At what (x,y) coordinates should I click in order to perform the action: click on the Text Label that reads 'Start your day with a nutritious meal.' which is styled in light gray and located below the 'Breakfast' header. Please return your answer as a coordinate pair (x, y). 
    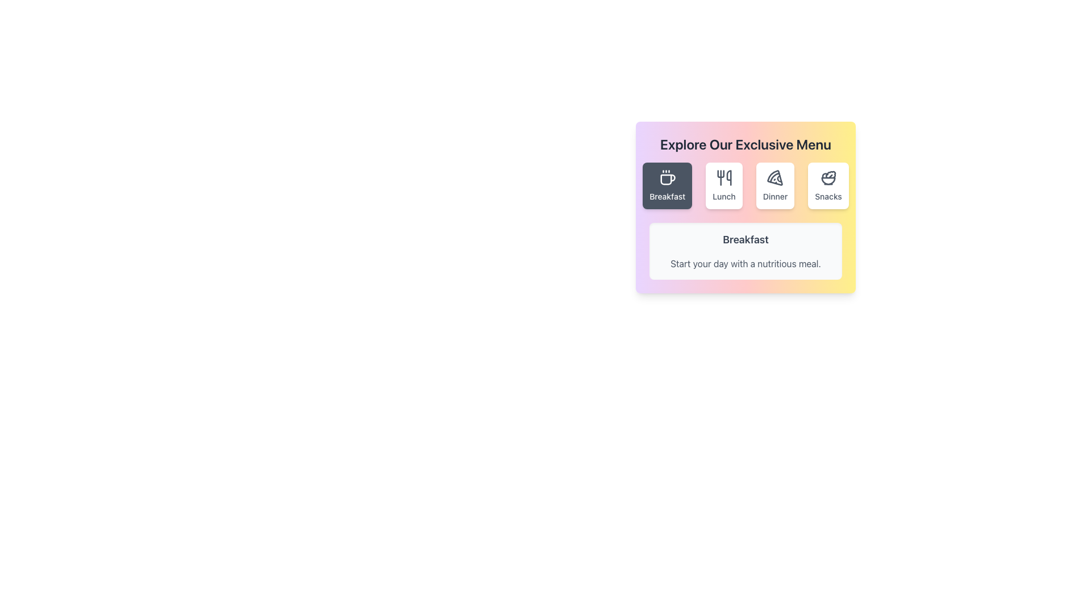
    Looking at the image, I should click on (746, 263).